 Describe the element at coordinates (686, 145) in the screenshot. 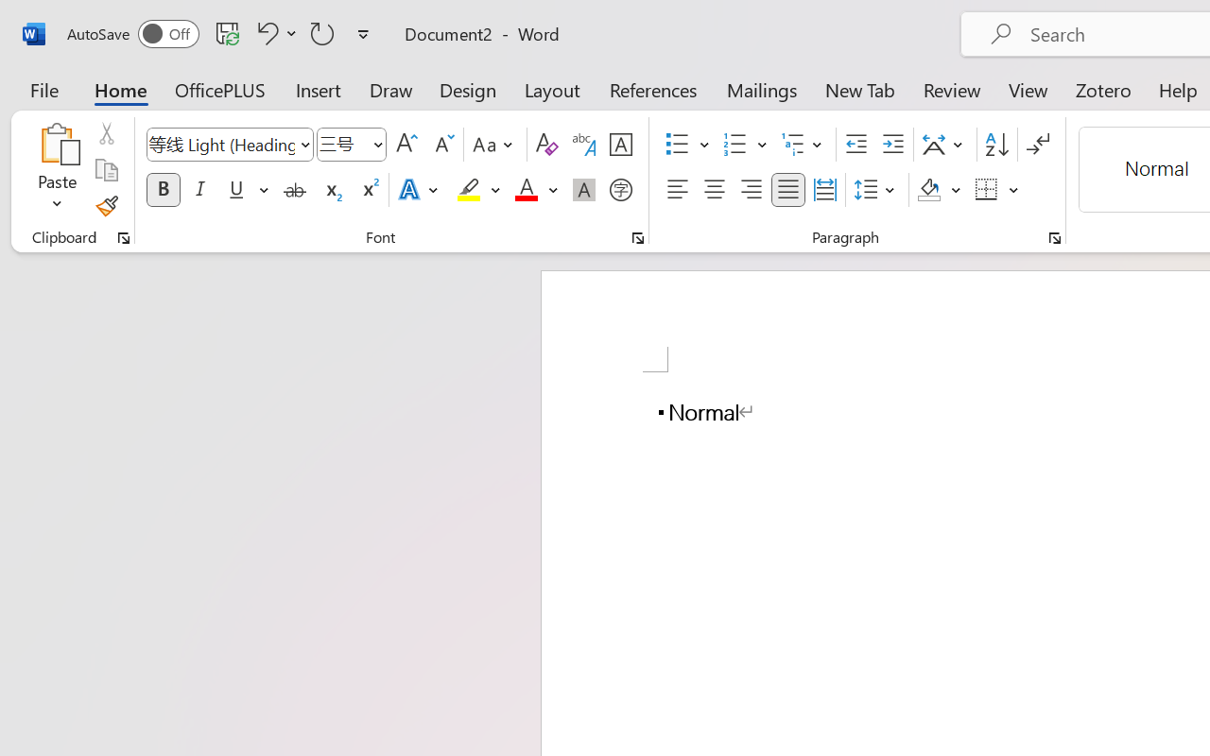

I see `'Bullets'` at that location.